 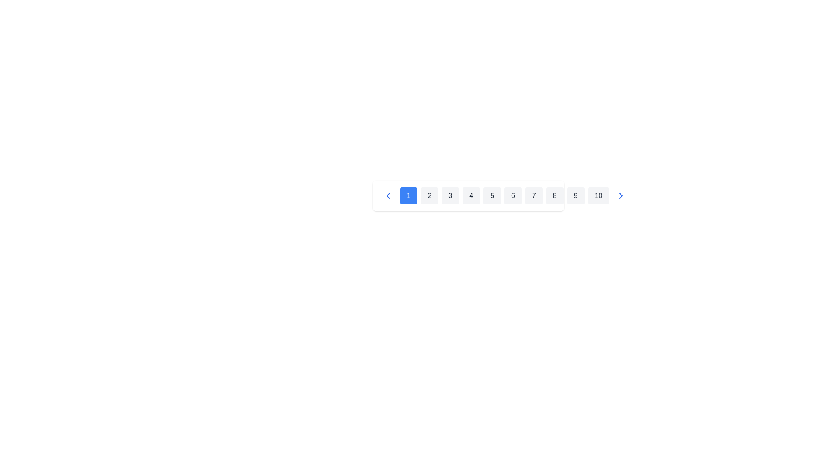 I want to click on the button labeled '7', which is a rectangular button with rounded corners and a light gray background, to change its background color to light blue, so click(x=533, y=196).